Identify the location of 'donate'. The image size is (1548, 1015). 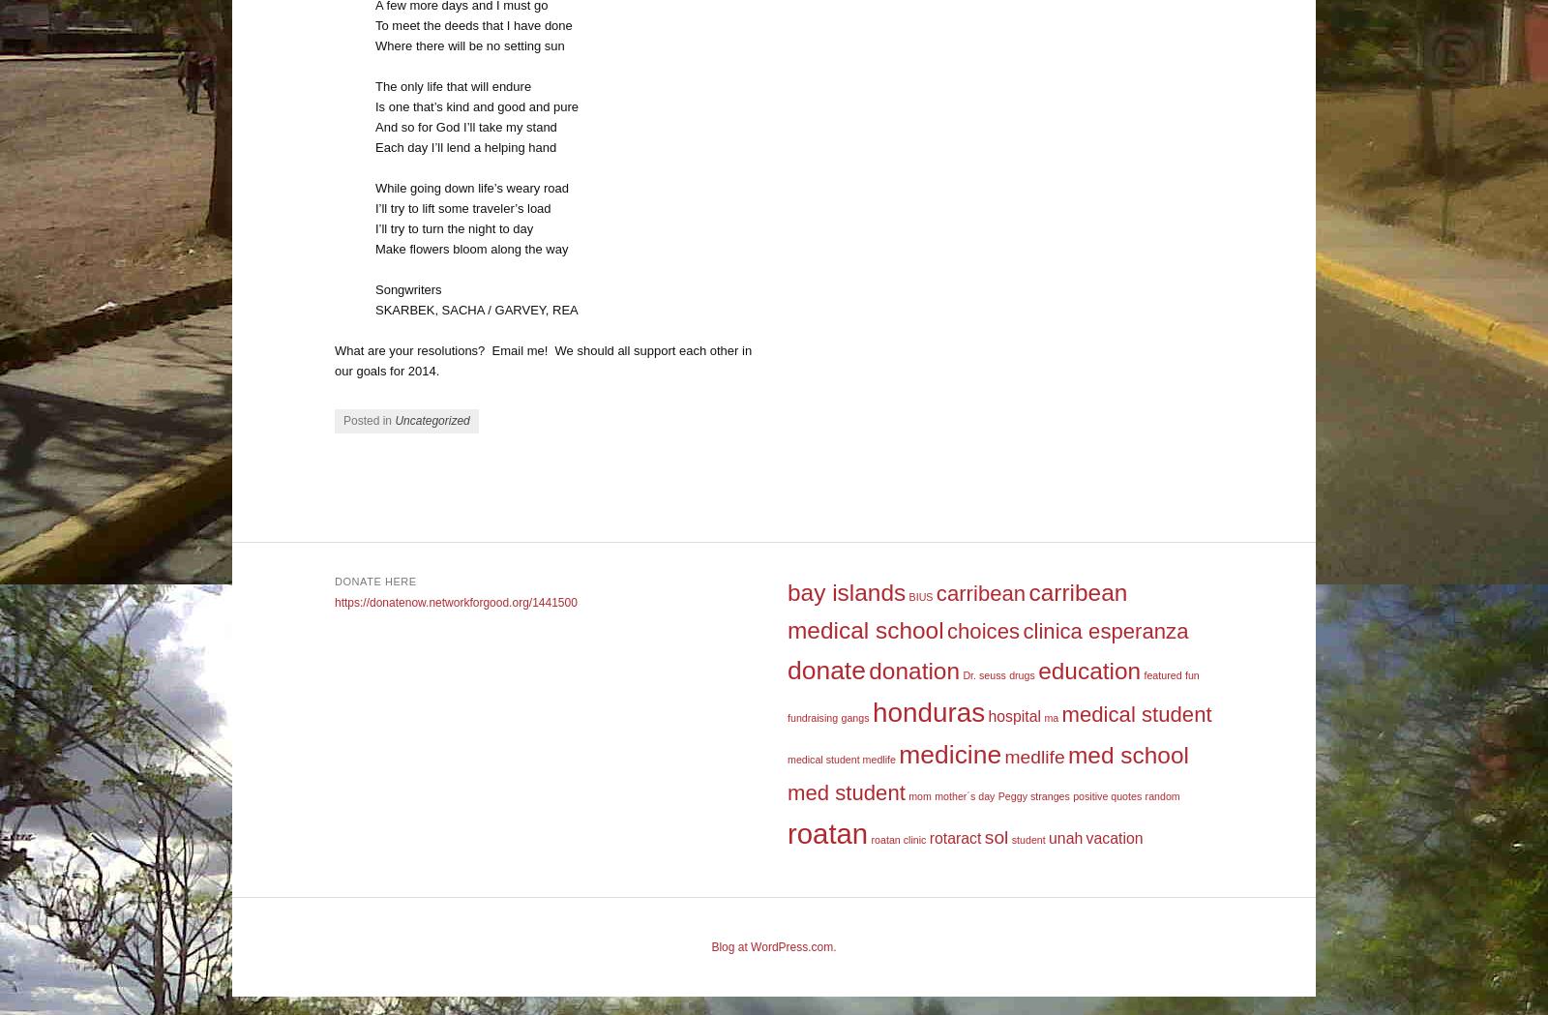
(824, 670).